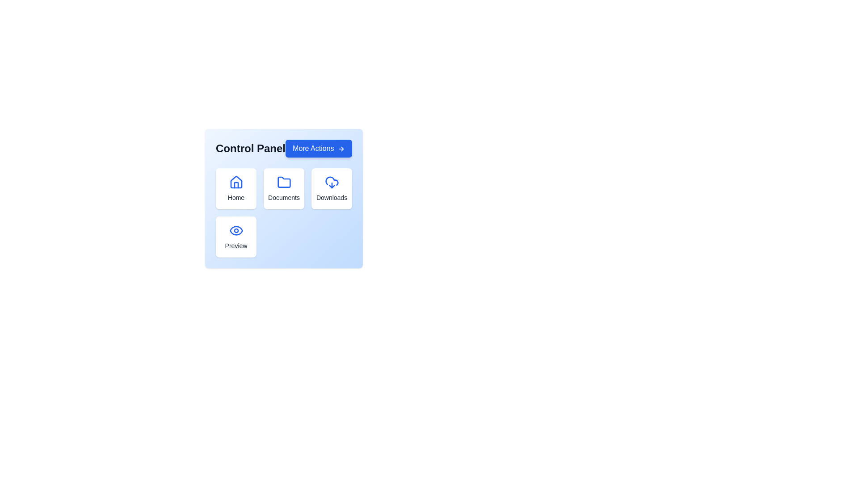 The image size is (858, 482). What do you see at coordinates (236, 185) in the screenshot?
I see `the rectangular building outline vector shape nested inside the house icon located in the top left quadrant of the interface panel` at bounding box center [236, 185].